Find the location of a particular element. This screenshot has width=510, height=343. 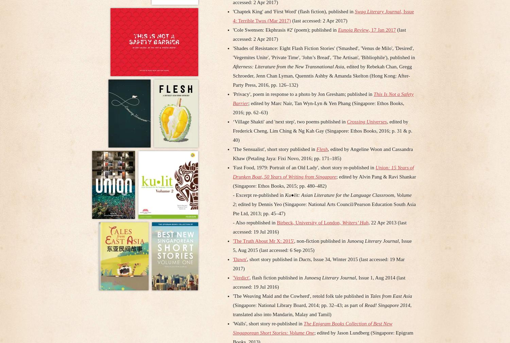

'Swag Literary Journal' is located at coordinates (377, 11).